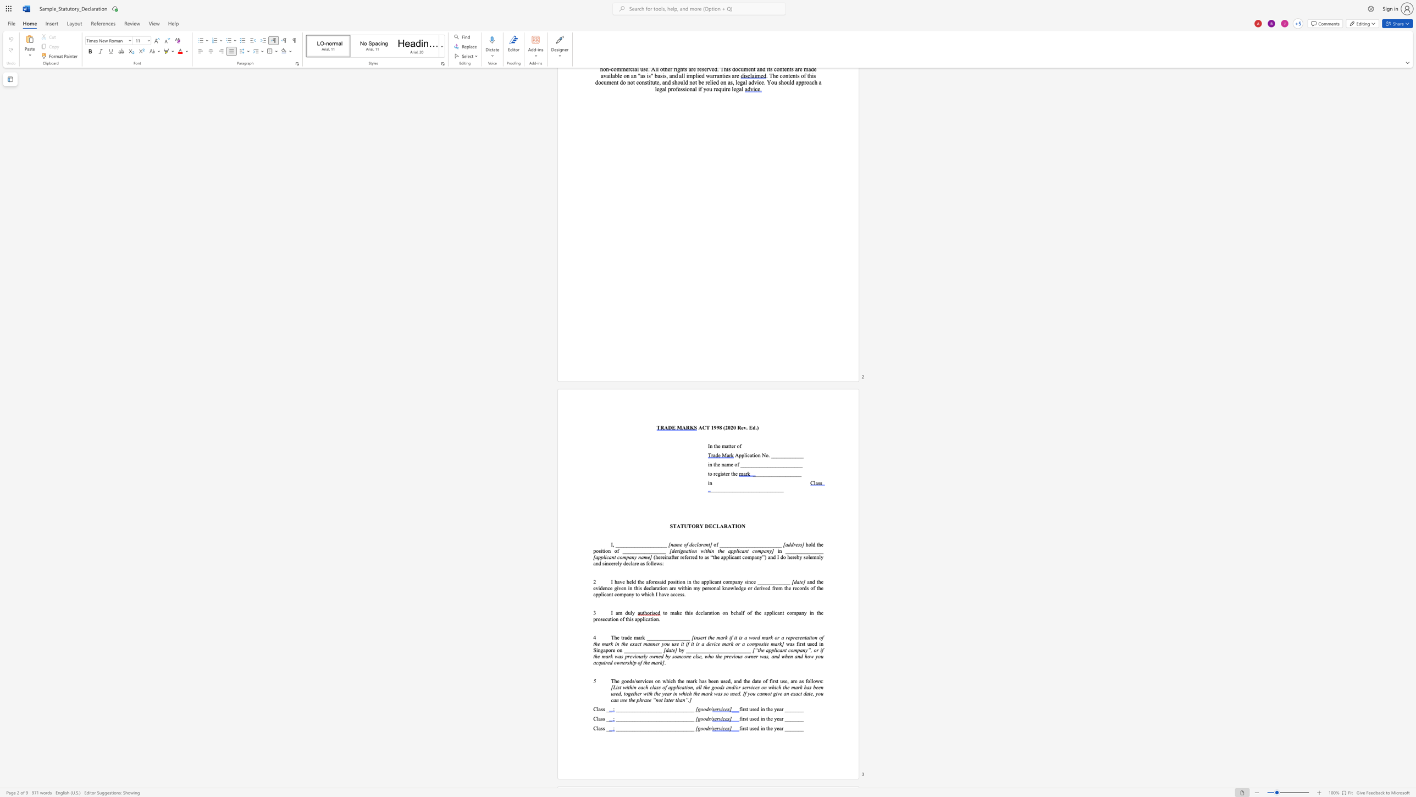  I want to click on the 1th character "m" in the text, so click(619, 613).